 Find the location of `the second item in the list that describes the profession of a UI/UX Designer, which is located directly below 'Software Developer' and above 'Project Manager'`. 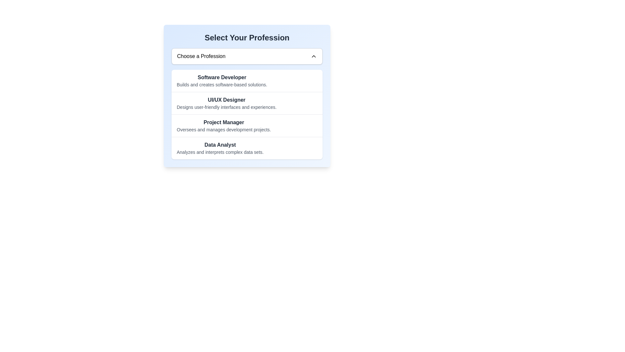

the second item in the list that describes the profession of a UI/UX Designer, which is located directly below 'Software Developer' and above 'Project Manager' is located at coordinates (246, 103).